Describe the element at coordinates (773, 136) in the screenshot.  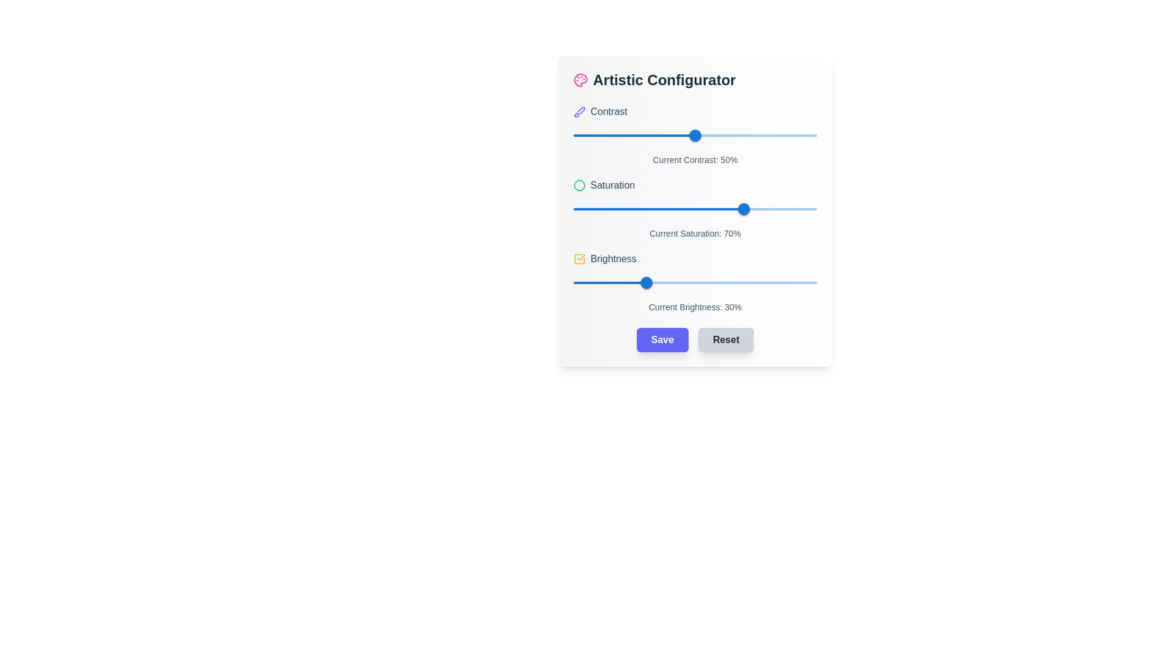
I see `contrast` at that location.